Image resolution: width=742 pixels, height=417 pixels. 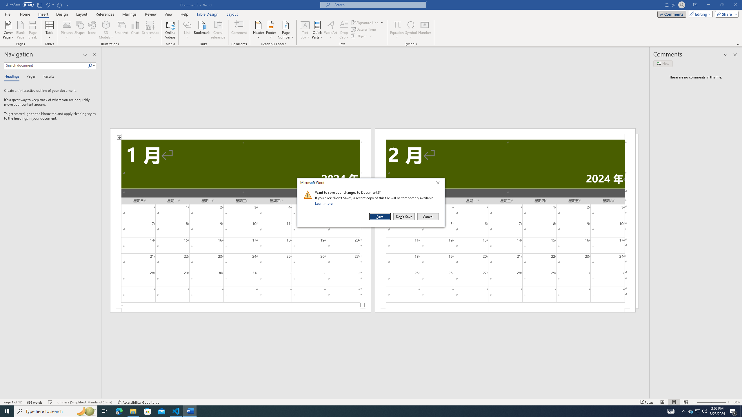 I want to click on 'References', so click(x=105, y=14).